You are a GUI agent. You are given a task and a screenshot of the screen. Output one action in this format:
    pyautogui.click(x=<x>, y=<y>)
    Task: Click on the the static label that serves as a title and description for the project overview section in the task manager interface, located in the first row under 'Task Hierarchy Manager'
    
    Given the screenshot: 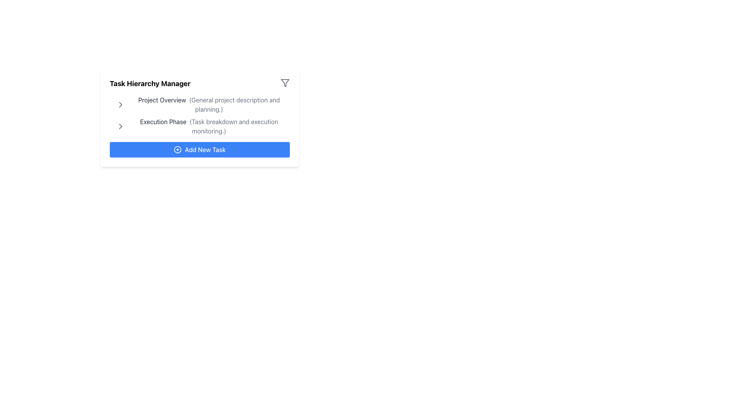 What is the action you would take?
    pyautogui.click(x=209, y=105)
    